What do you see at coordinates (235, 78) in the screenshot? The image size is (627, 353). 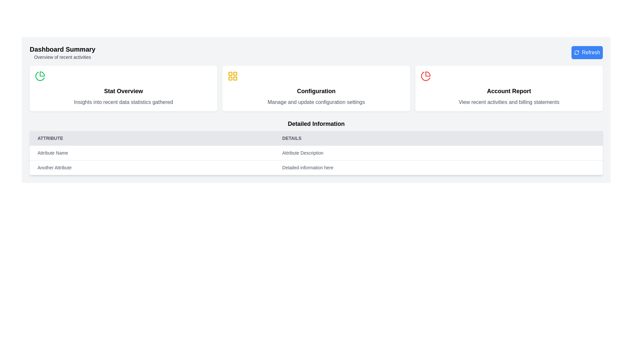 I see `the decorative square located in the bottom-right position of the 2x2 matrix within the 'Configuration' card in the layout` at bounding box center [235, 78].